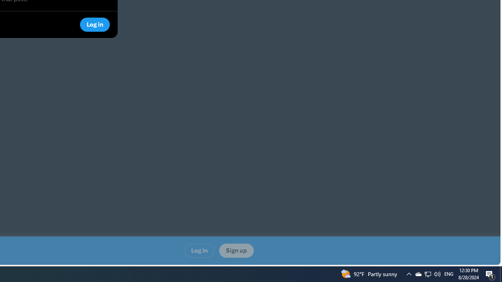 Image resolution: width=502 pixels, height=282 pixels. I want to click on 'Tray Input Indicator - English (United States)', so click(418, 273).